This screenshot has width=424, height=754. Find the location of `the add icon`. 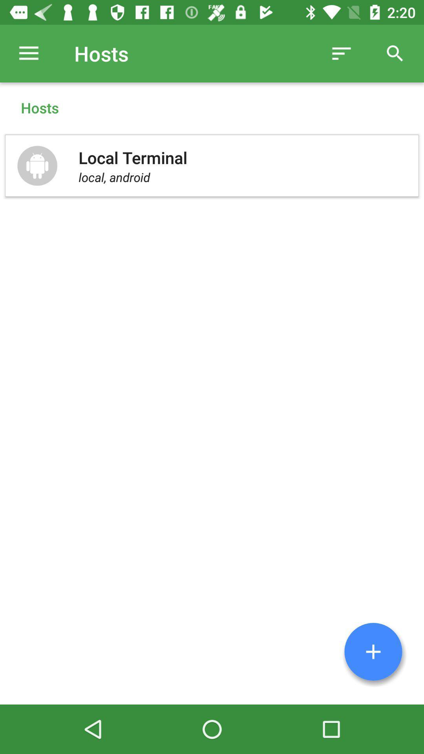

the add icon is located at coordinates (373, 652).